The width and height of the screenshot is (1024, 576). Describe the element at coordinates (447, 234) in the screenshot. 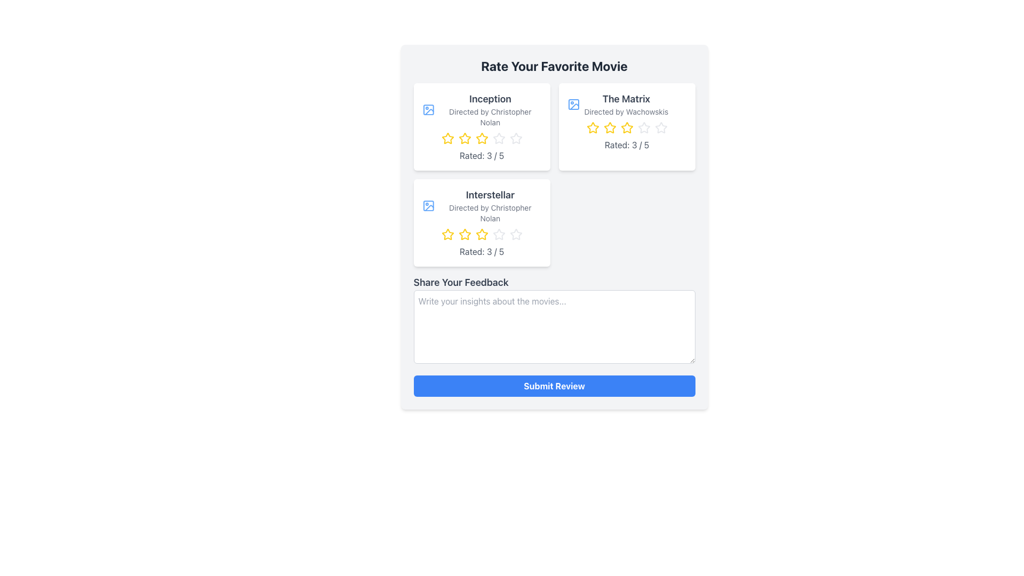

I see `the first yellow star rating element under the movie 'Interstellar' to rate one star` at that location.